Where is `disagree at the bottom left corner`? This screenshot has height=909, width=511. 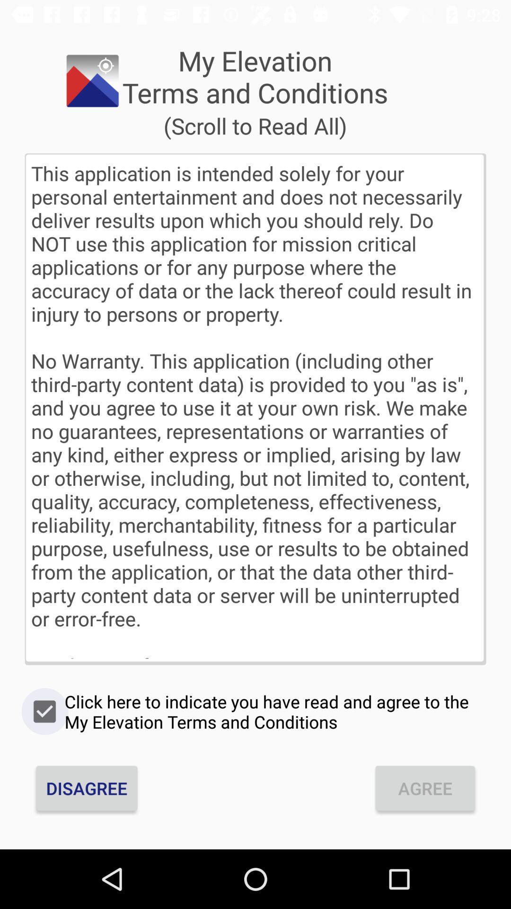 disagree at the bottom left corner is located at coordinates (87, 788).